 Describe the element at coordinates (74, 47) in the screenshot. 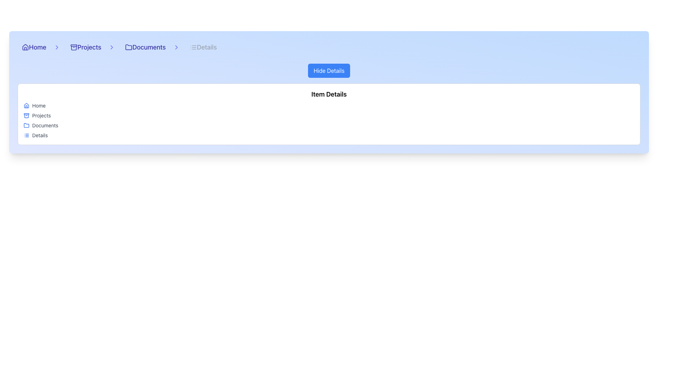

I see `the SVG archive box icon located in the navigation bar, immediately to the left of the 'Projects' label` at that location.